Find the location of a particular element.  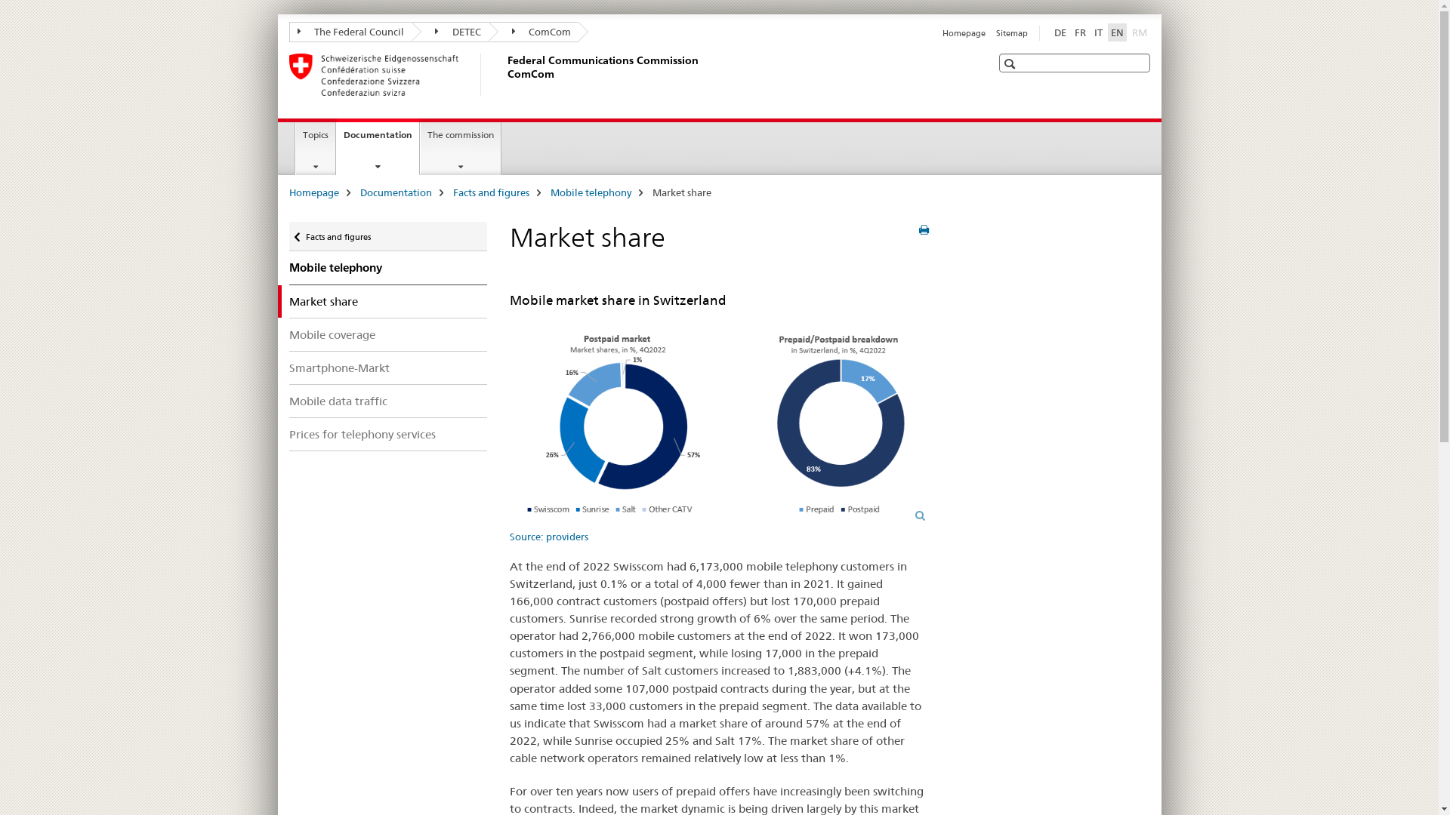

'Facts and figures' is located at coordinates (491, 191).